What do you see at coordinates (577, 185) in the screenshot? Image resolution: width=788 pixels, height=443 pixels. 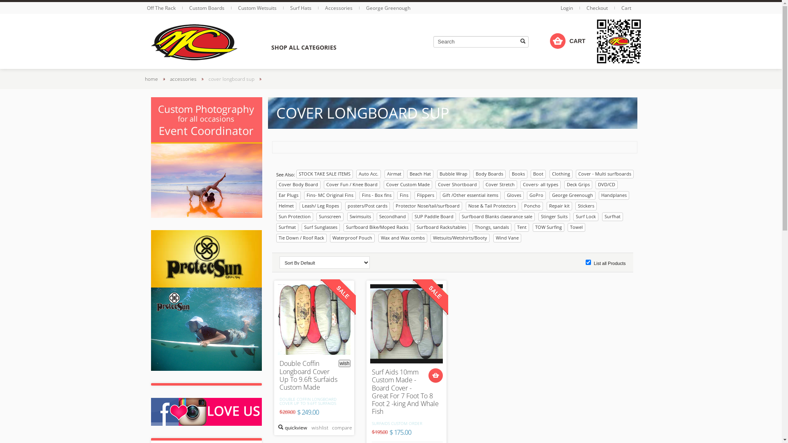 I see `'Deck Grips'` at bounding box center [577, 185].